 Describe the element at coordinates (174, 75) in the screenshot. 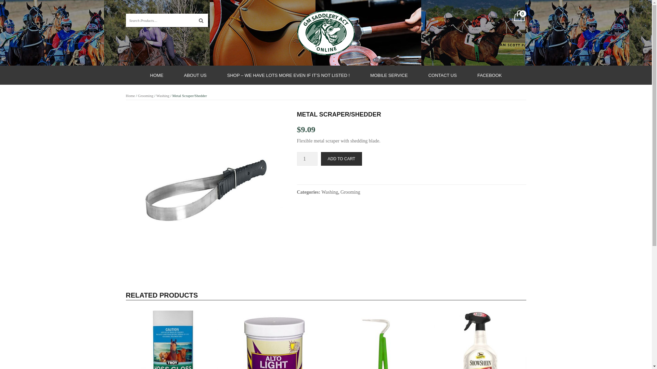

I see `'ABOUT US'` at that location.